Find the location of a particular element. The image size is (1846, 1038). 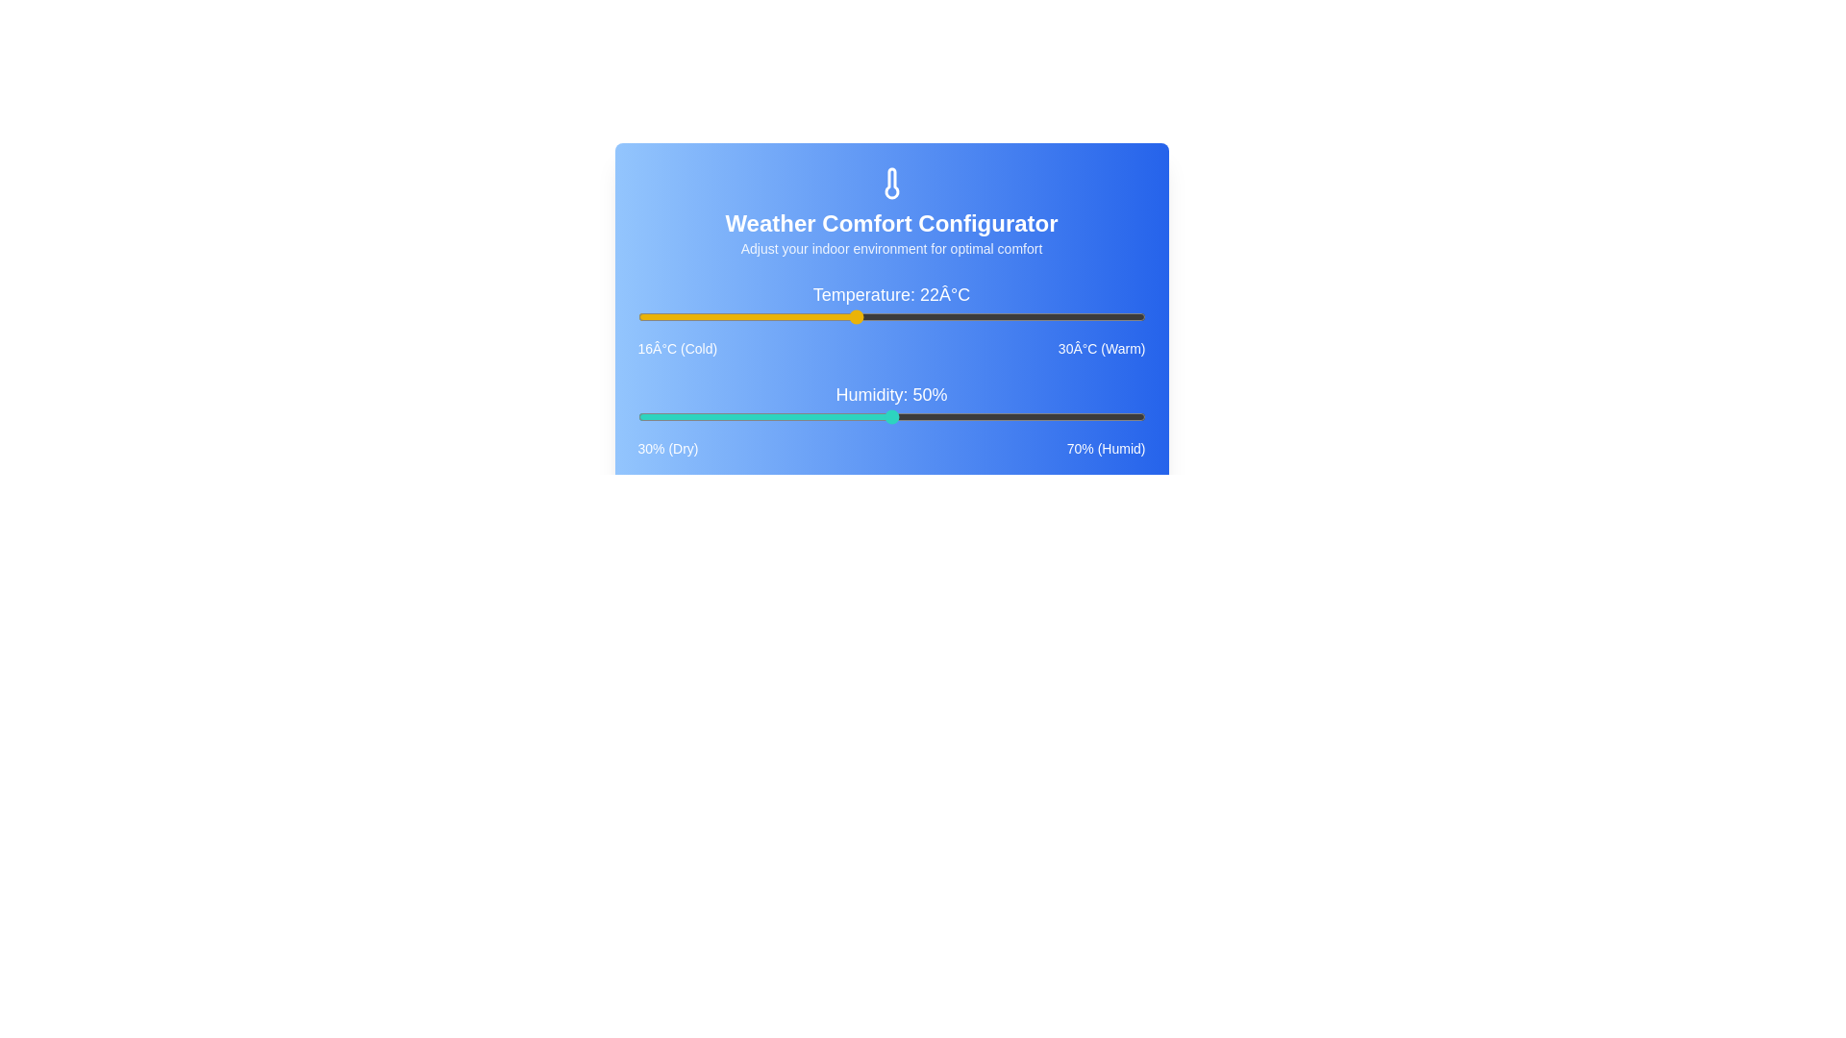

the temperature slider to 27°C is located at coordinates (1035, 316).